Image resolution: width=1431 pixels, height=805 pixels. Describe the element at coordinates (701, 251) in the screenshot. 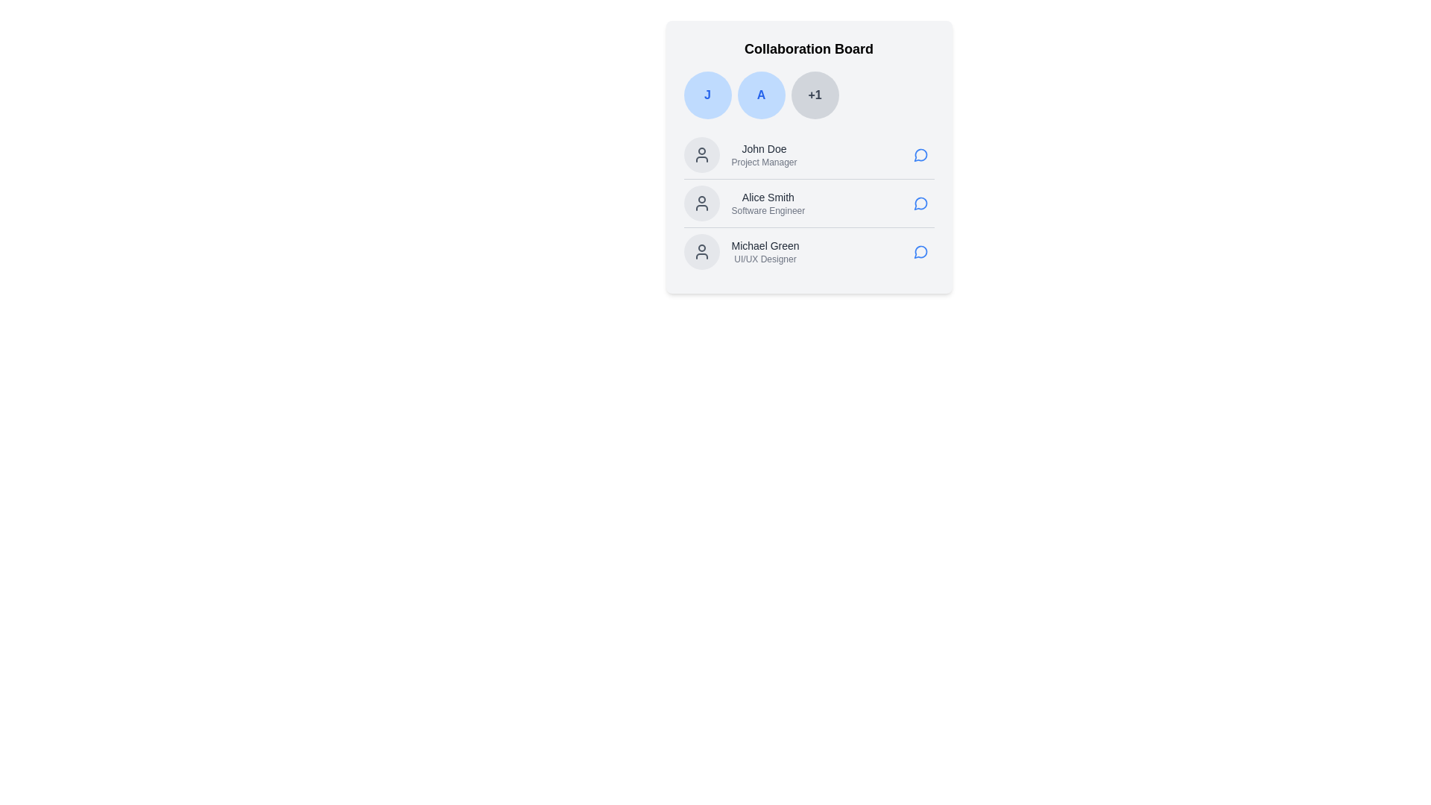

I see `the profile icon for 'Michael Green UI/UX Designer', which is located on the left side of the corresponding row in the Collaboration Board section, represented within a circular light gray background` at that location.